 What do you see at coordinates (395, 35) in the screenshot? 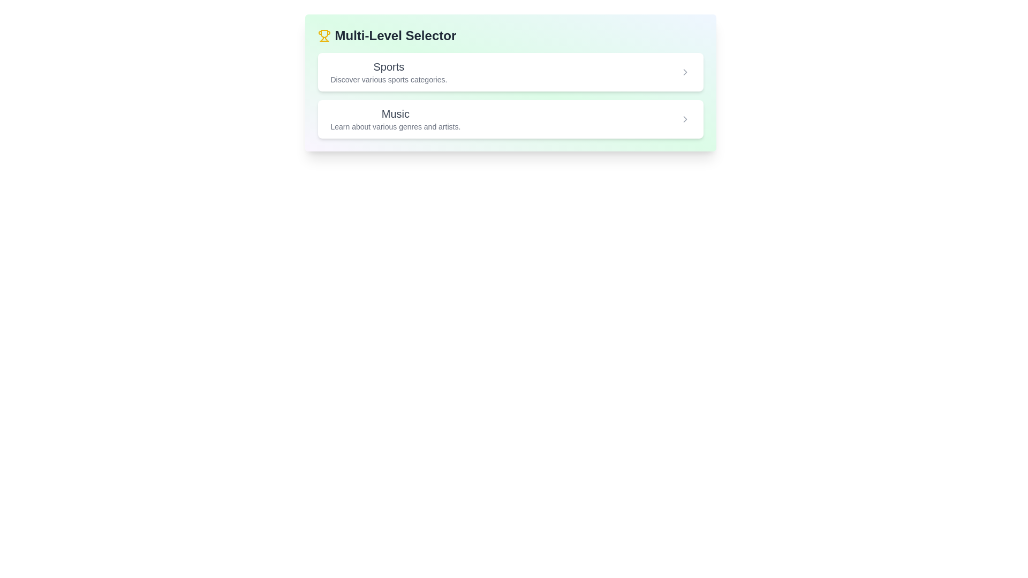
I see `title text located in the top-left section of the content card, positioned to the right of the trophy-shaped icon` at bounding box center [395, 35].